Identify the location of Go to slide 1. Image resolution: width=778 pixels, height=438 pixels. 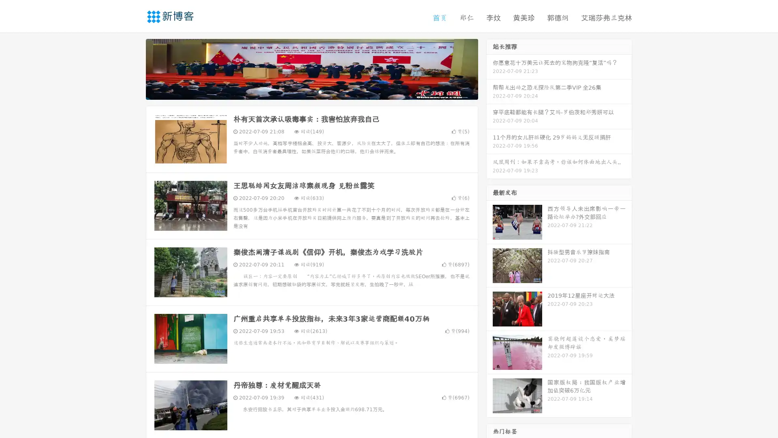
(303, 91).